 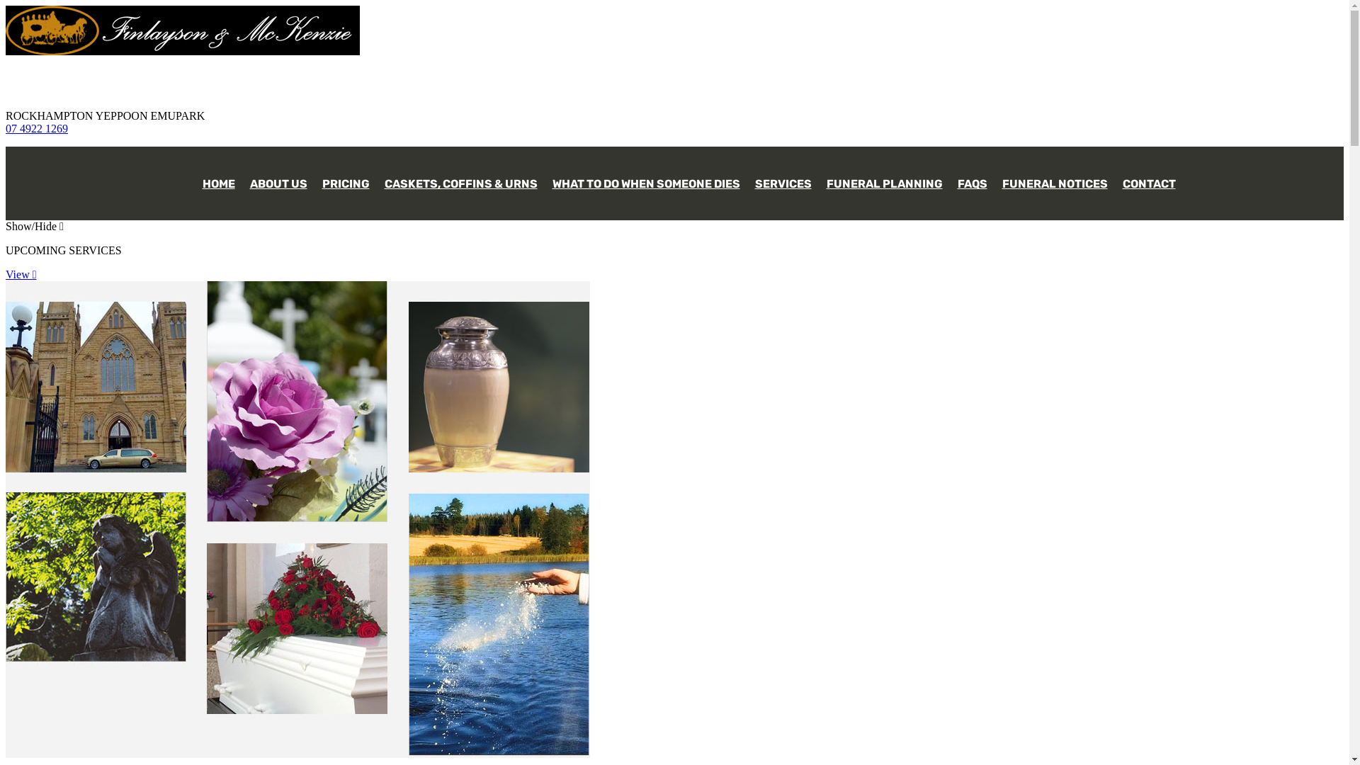 What do you see at coordinates (217, 176) in the screenshot?
I see `'HOME'` at bounding box center [217, 176].